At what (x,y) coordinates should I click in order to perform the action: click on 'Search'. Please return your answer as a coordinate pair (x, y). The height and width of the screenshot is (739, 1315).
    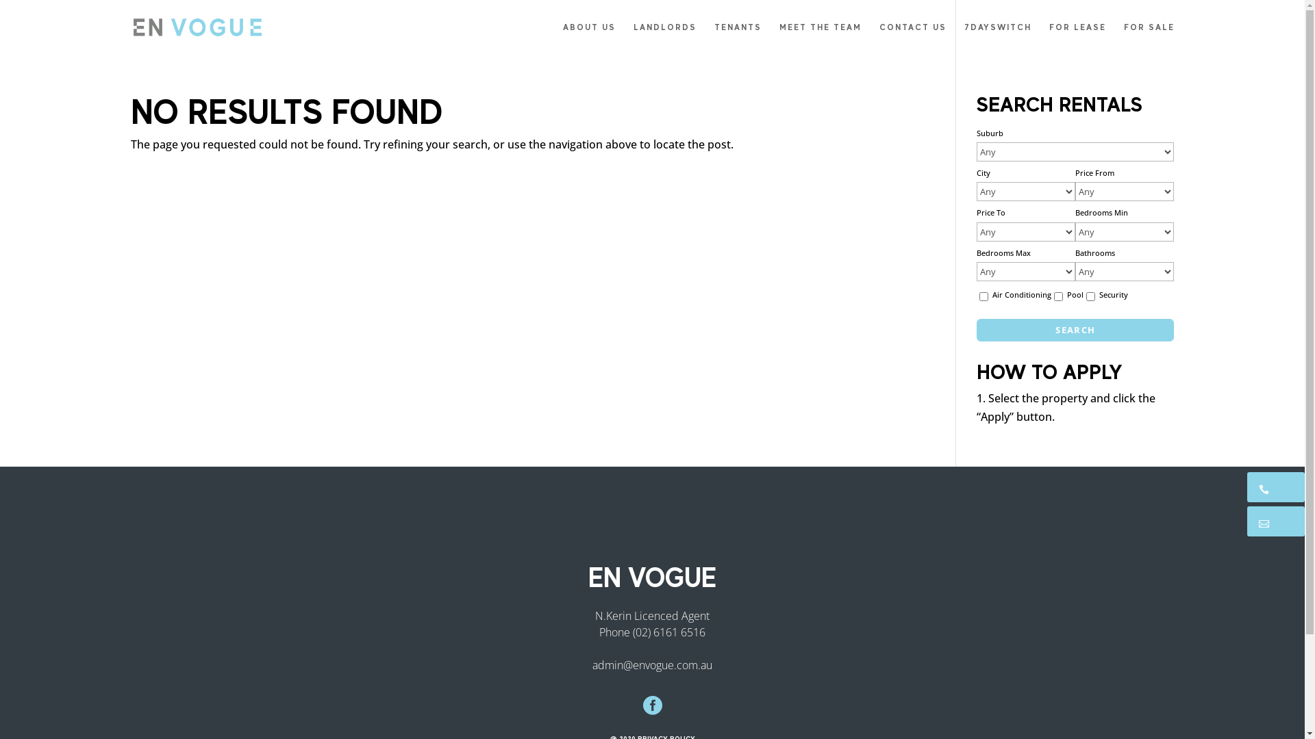
    Looking at the image, I should click on (1074, 330).